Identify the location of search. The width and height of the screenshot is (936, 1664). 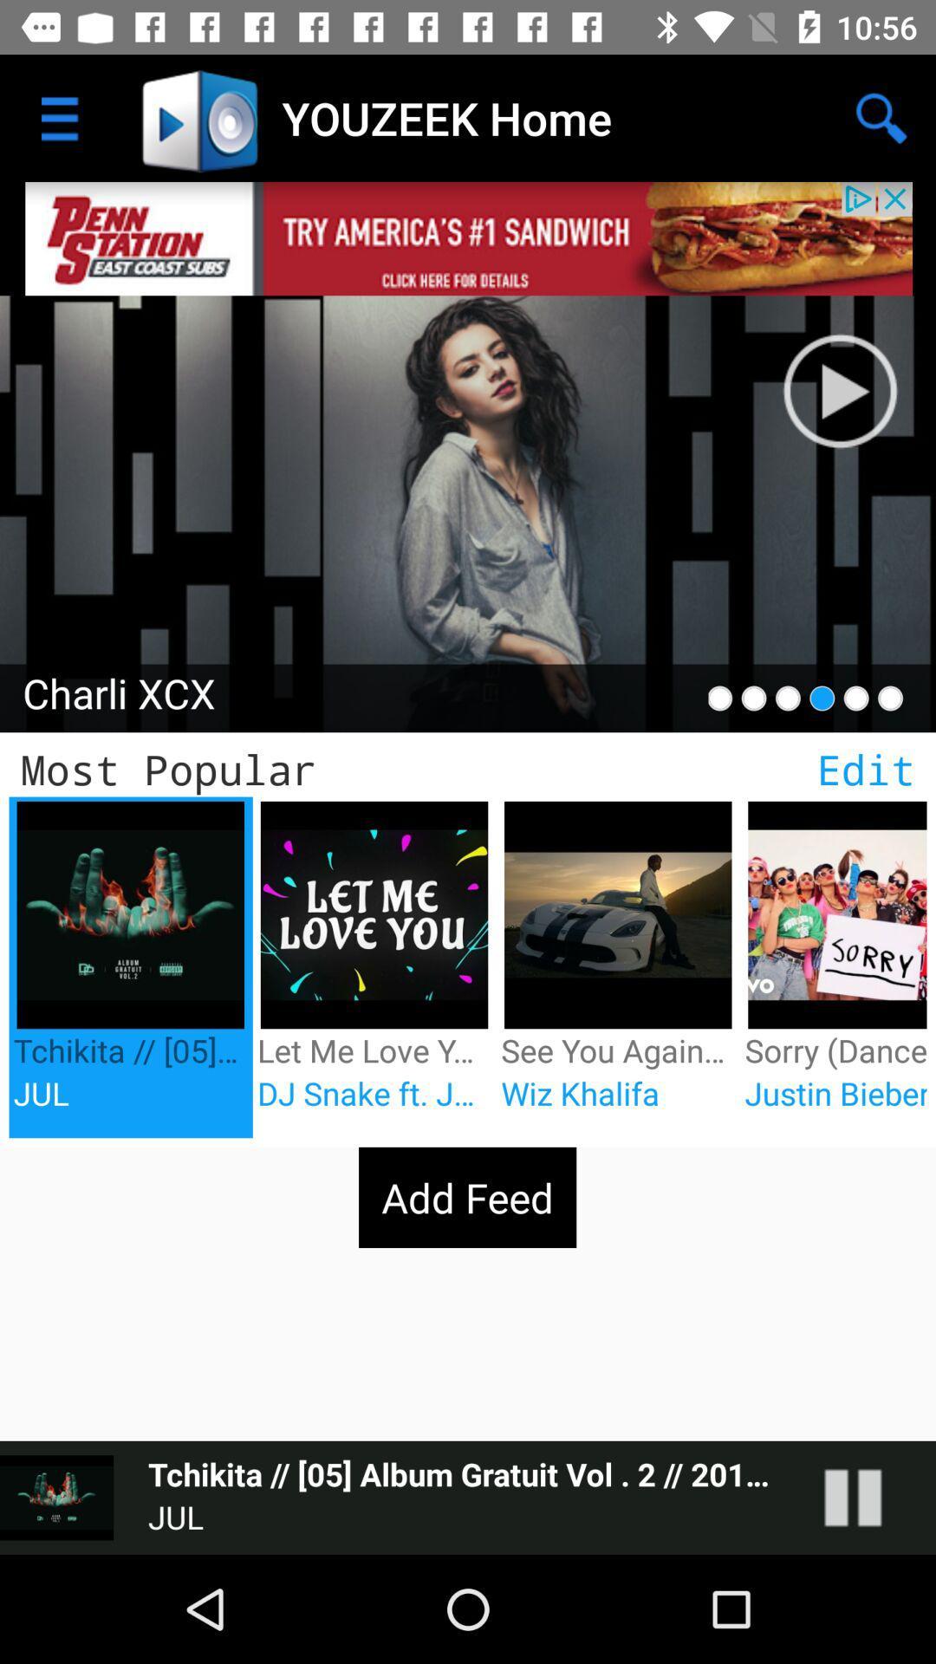
(858, 372).